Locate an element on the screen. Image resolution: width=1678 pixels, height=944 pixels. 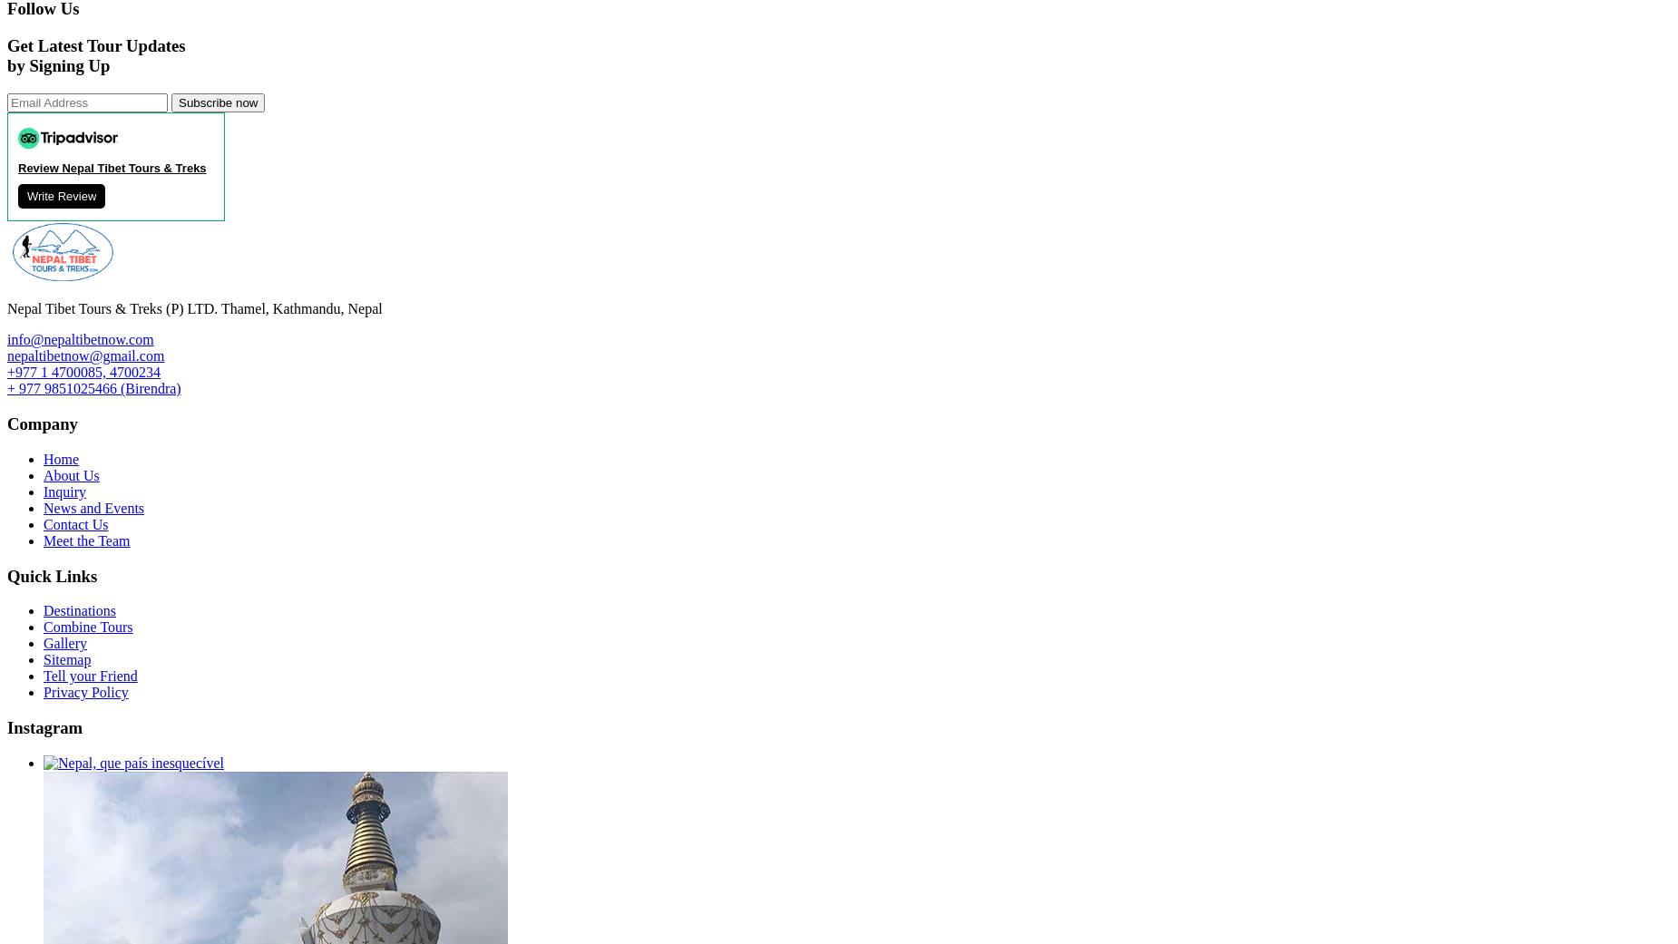
'Meet the Team' is located at coordinates (85, 540).